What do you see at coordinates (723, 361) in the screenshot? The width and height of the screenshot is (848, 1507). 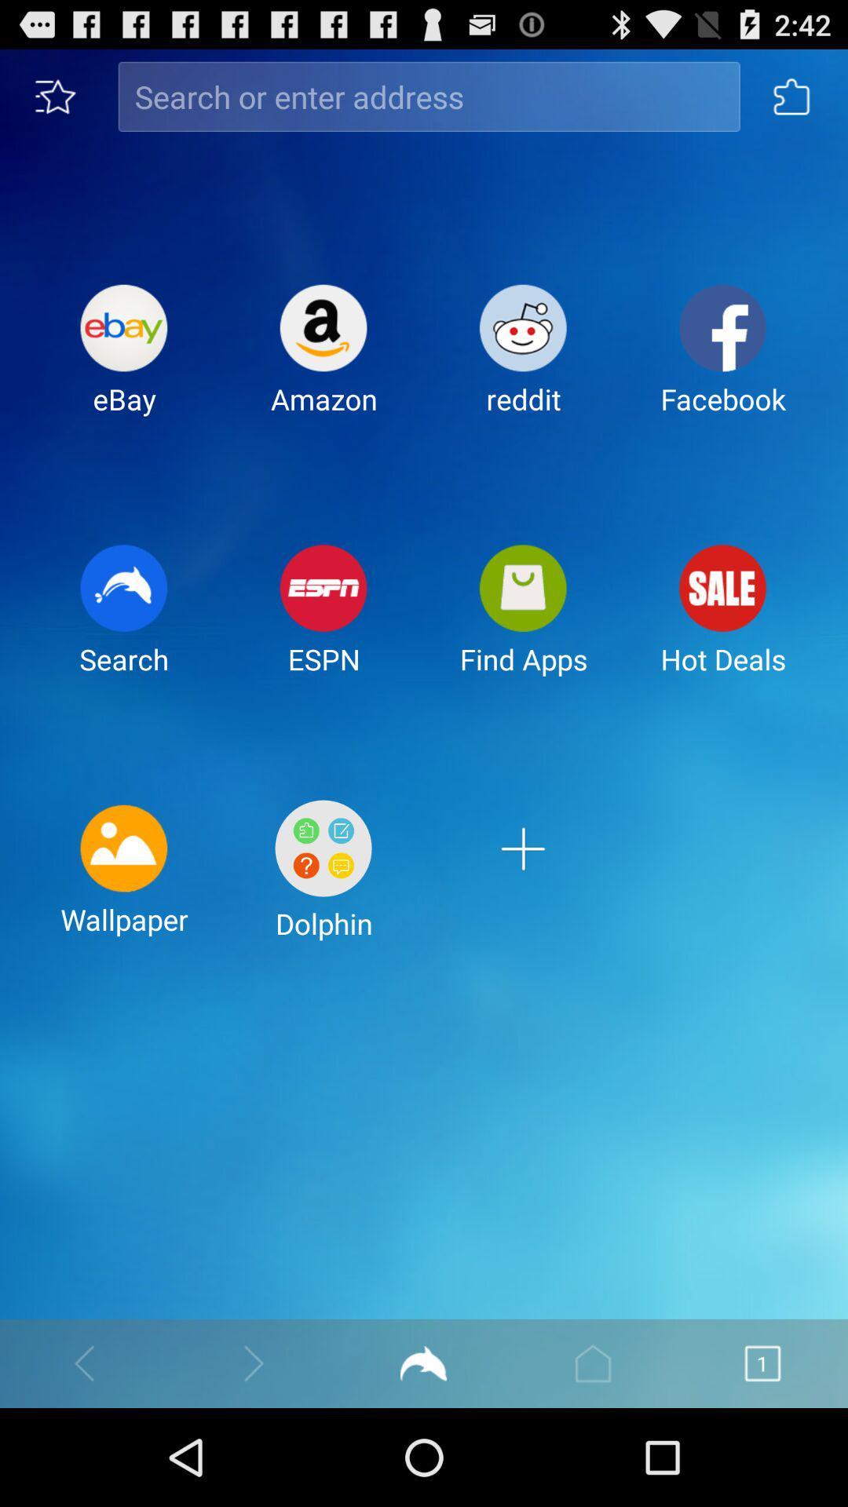 I see `icon next to reddit item` at bounding box center [723, 361].